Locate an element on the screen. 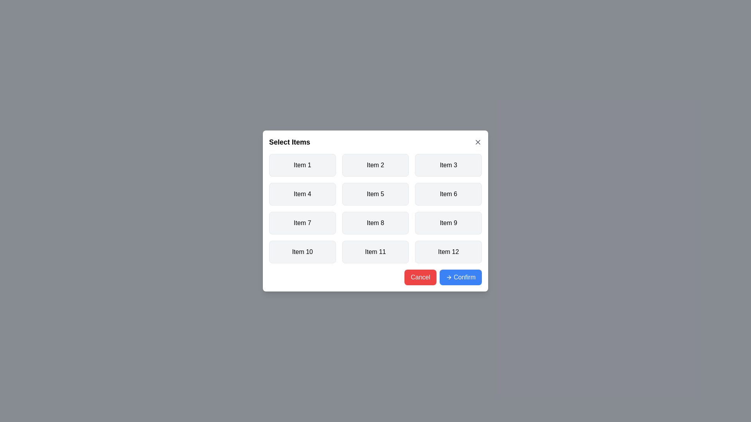  the 'Confirm' button to save the selections and close the dialog is located at coordinates (460, 277).